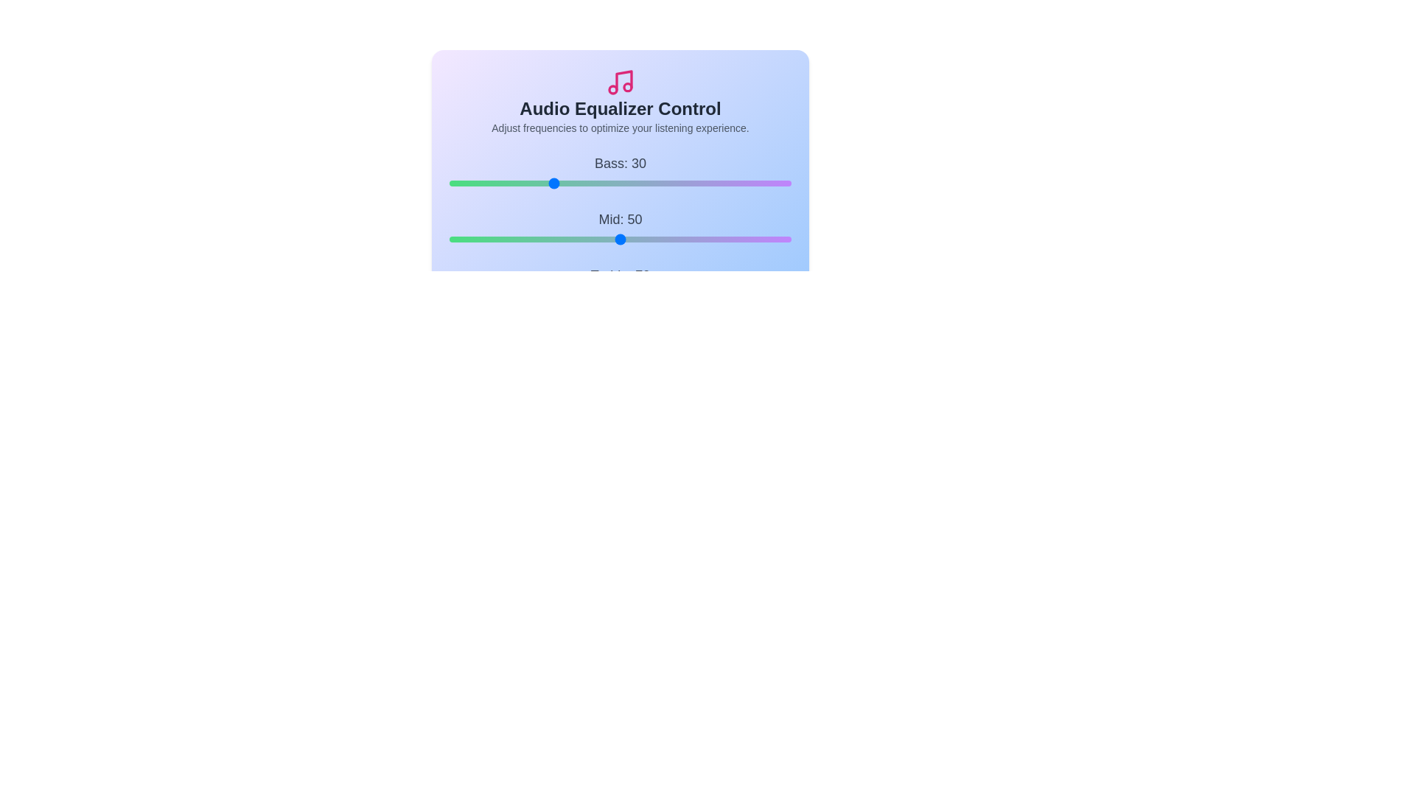 This screenshot has height=796, width=1415. What do you see at coordinates (780, 183) in the screenshot?
I see `the Bass slider to set the bass level to 97` at bounding box center [780, 183].